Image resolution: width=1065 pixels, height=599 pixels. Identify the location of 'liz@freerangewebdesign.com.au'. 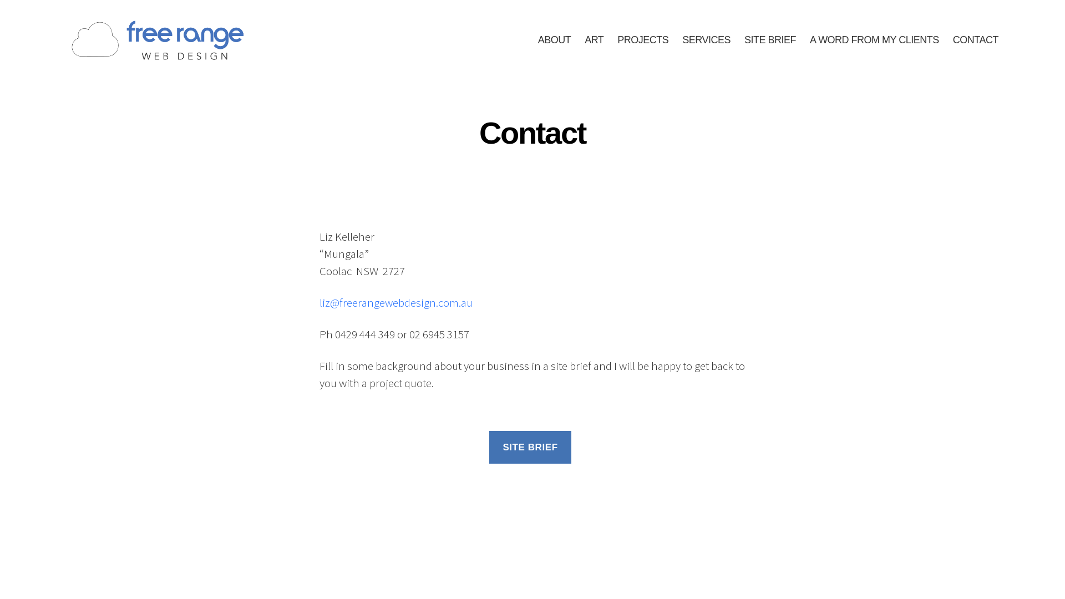
(319, 302).